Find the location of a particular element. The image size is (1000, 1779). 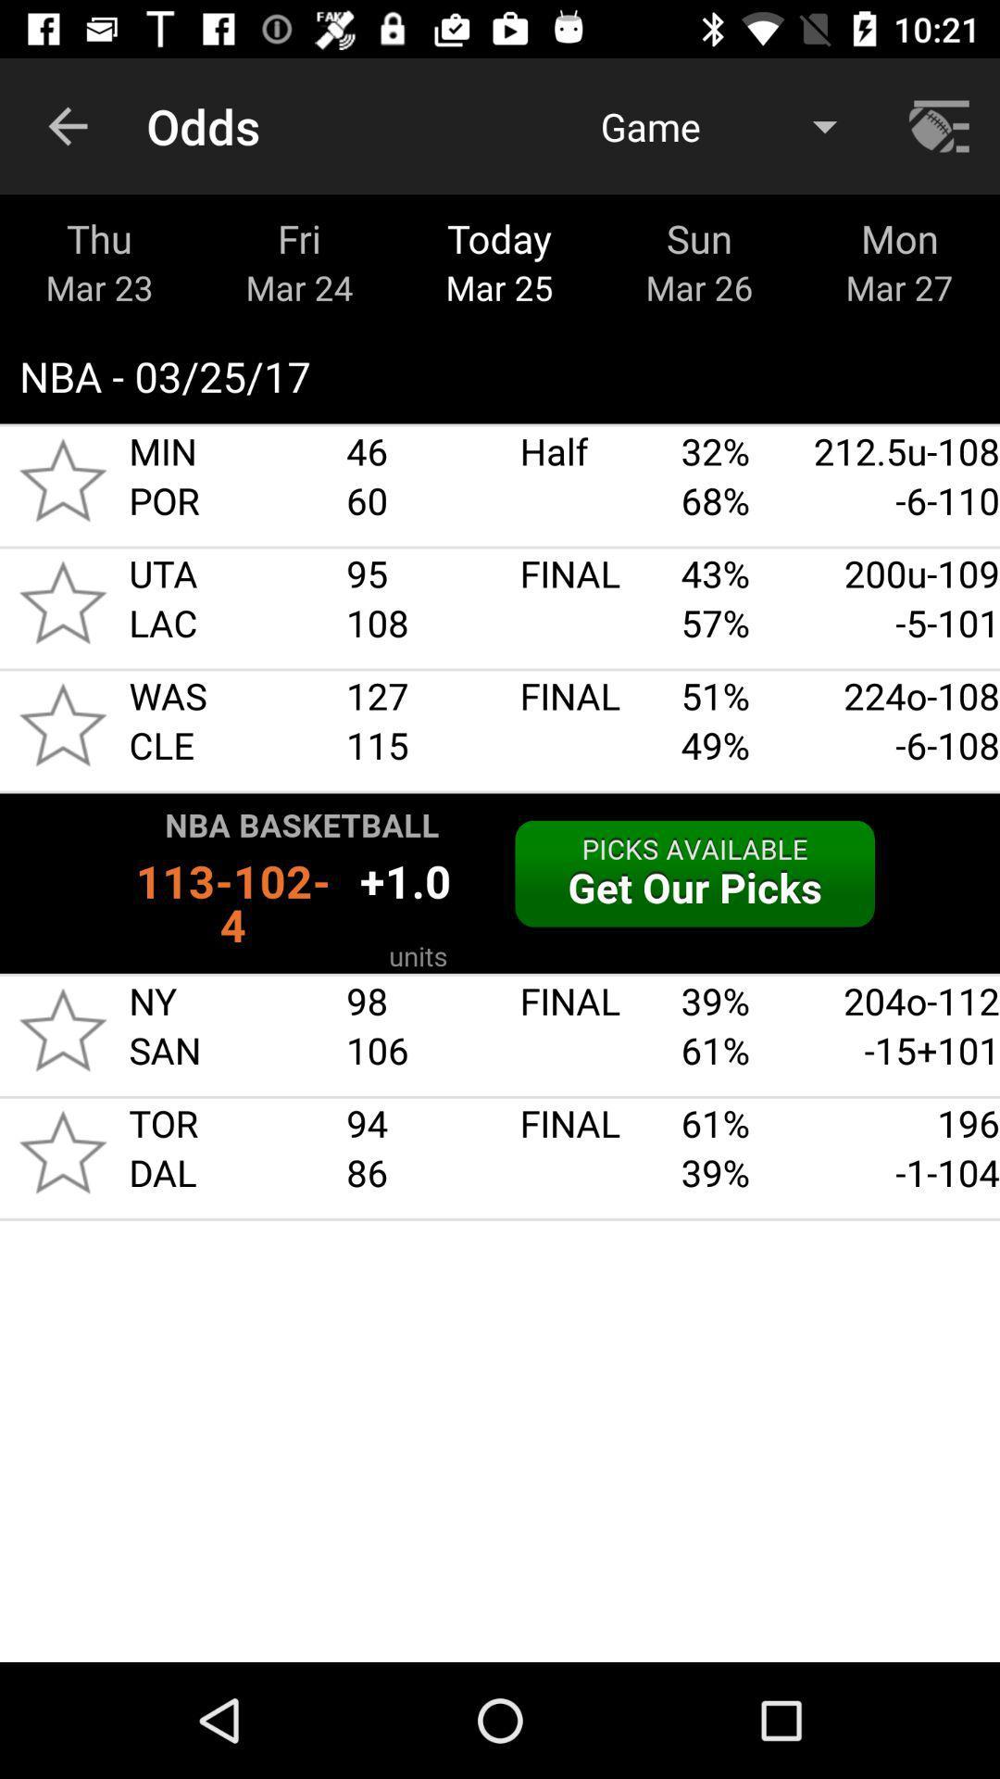

was cle star icon is located at coordinates (62, 724).